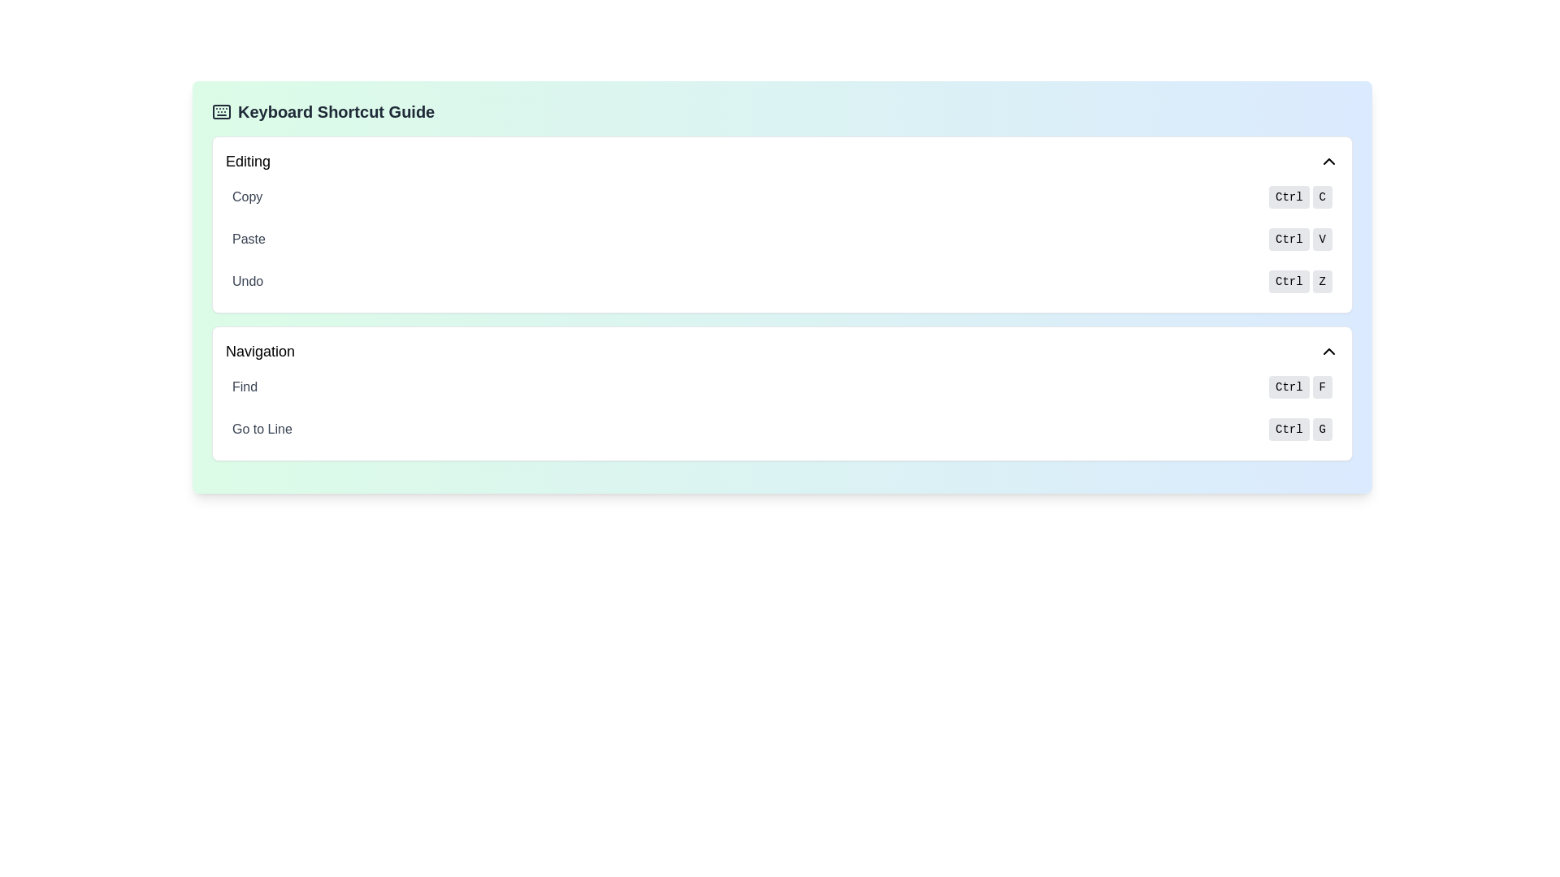  I want to click on the 'Ctrl' button-like label, so click(1300, 239).